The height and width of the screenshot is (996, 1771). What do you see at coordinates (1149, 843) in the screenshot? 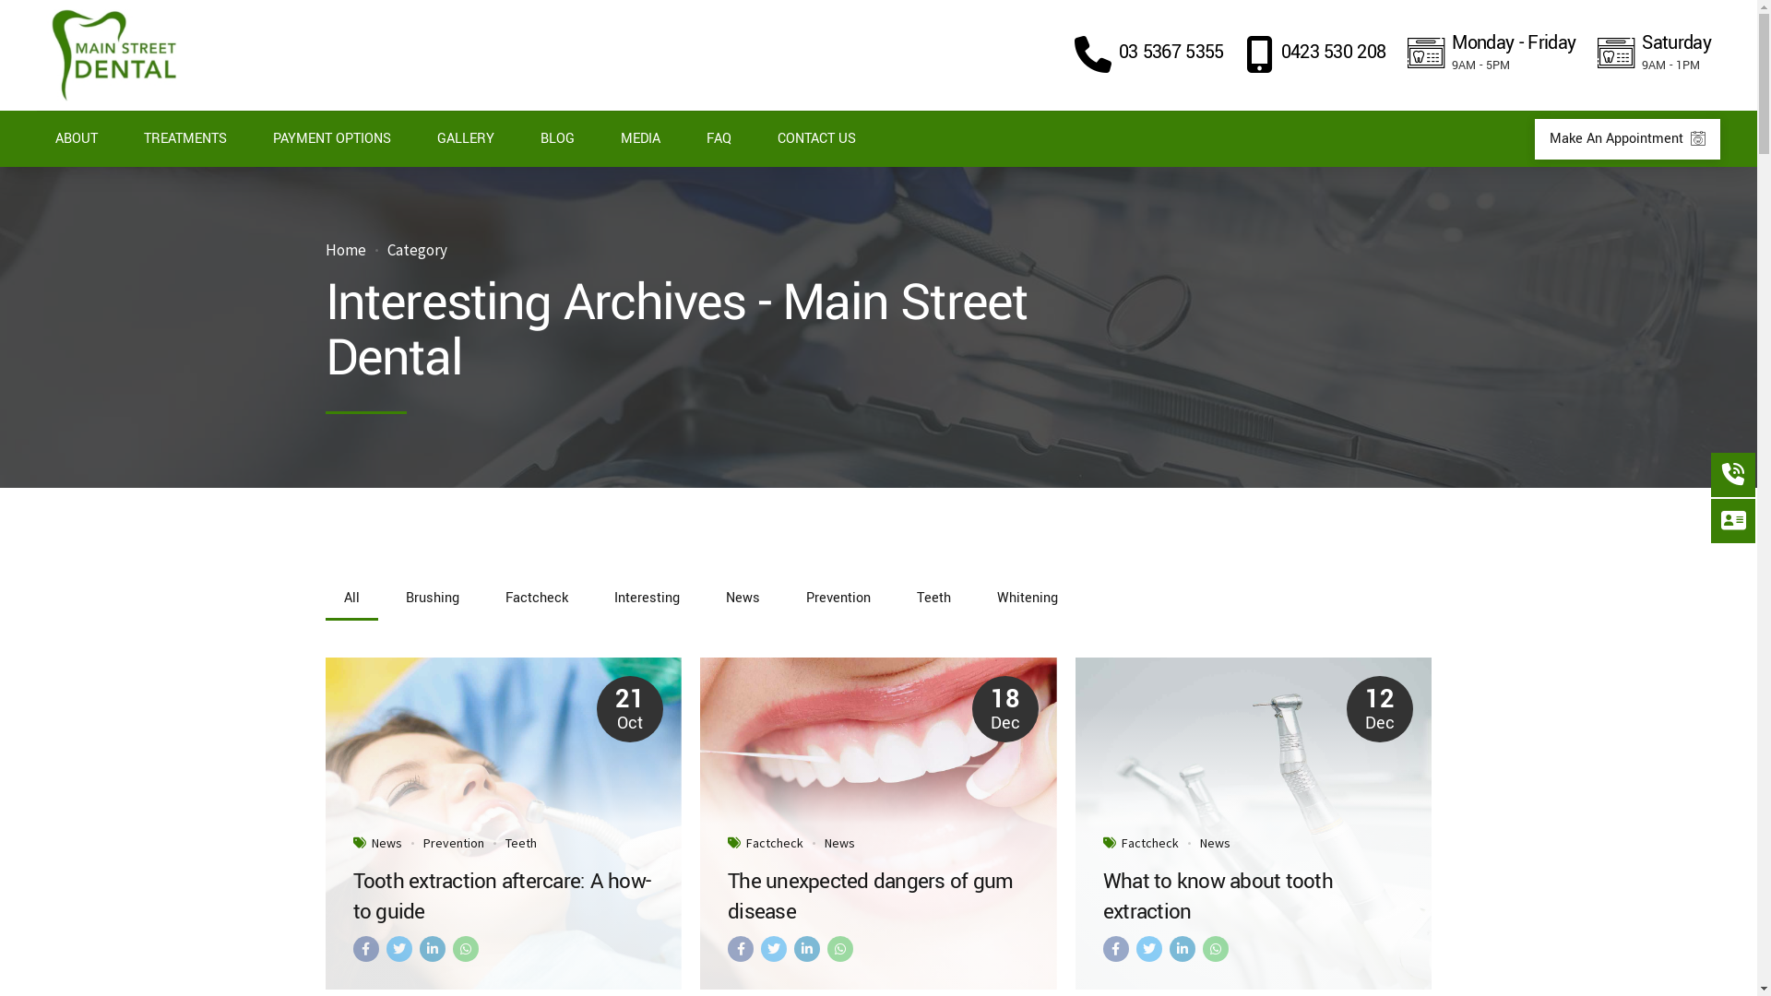
I see `'Factcheck'` at bounding box center [1149, 843].